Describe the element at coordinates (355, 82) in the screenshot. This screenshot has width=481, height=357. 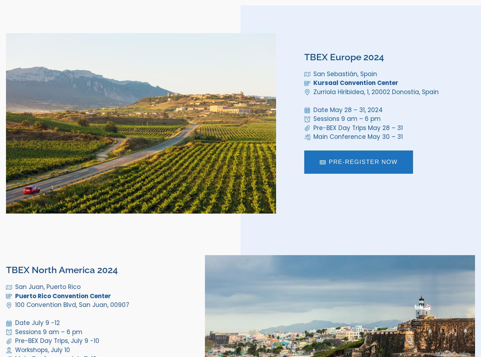
I see `'Kursaal Convention Center'` at that location.